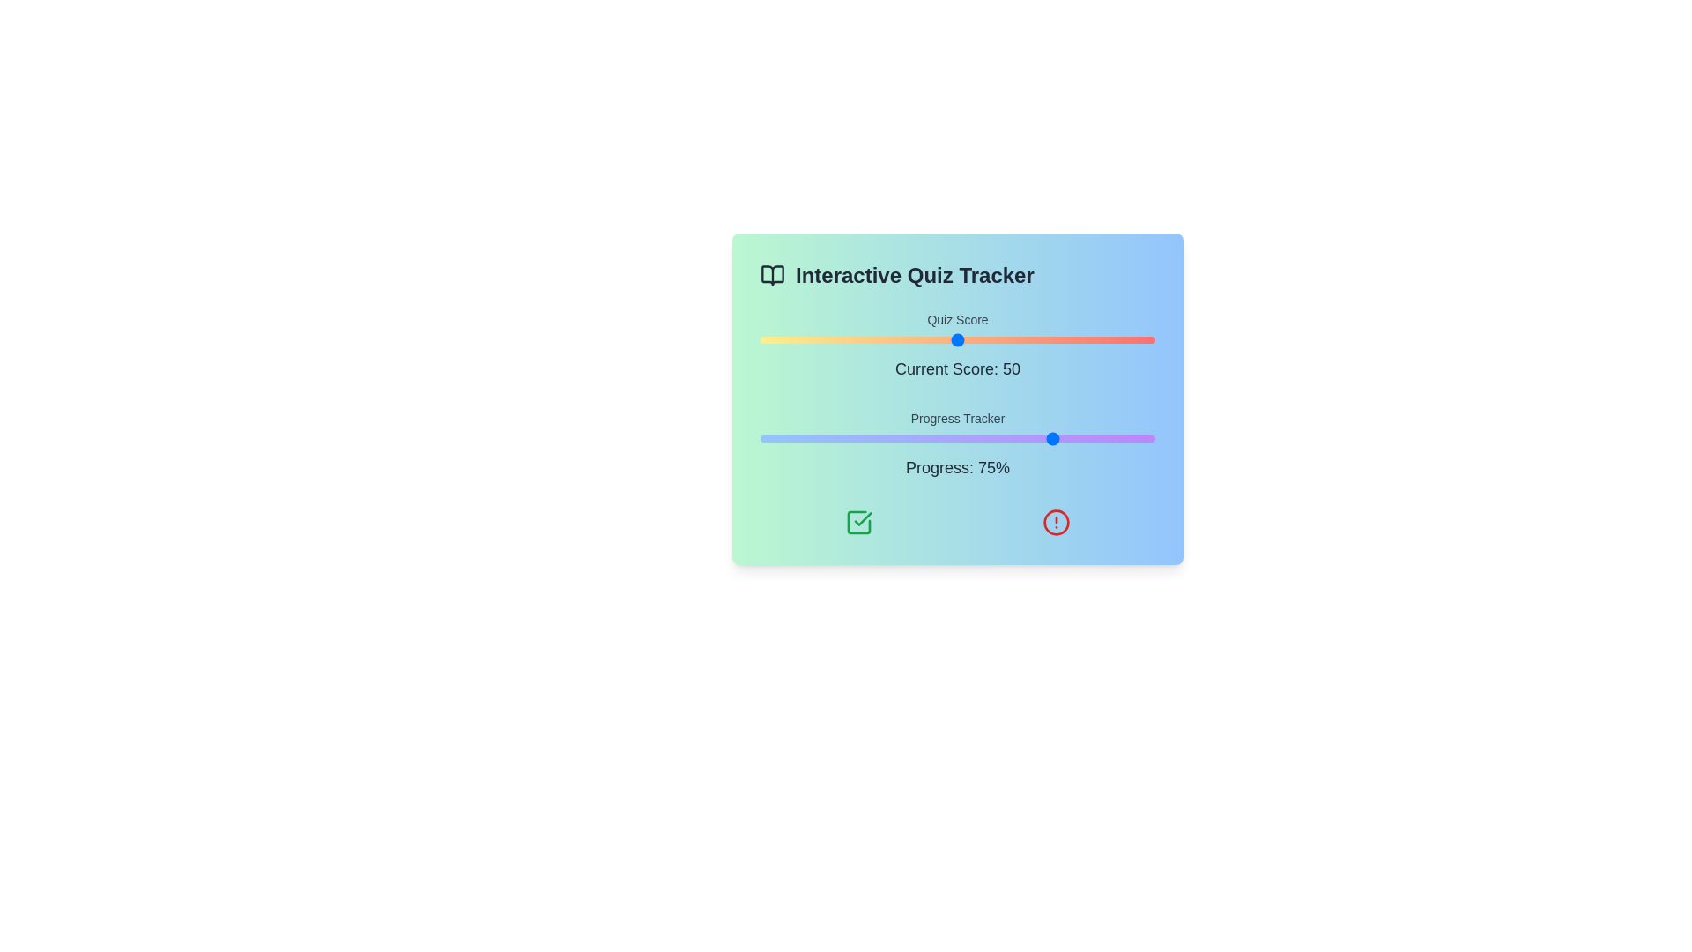 The width and height of the screenshot is (1692, 952). What do you see at coordinates (1151, 339) in the screenshot?
I see `the quiz score slider to set the score to 99` at bounding box center [1151, 339].